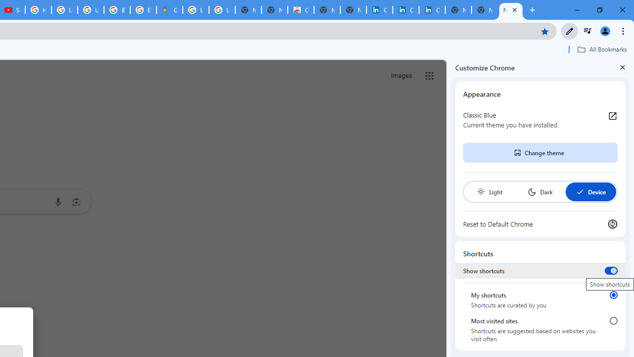  I want to click on 'New Tab', so click(511, 10).